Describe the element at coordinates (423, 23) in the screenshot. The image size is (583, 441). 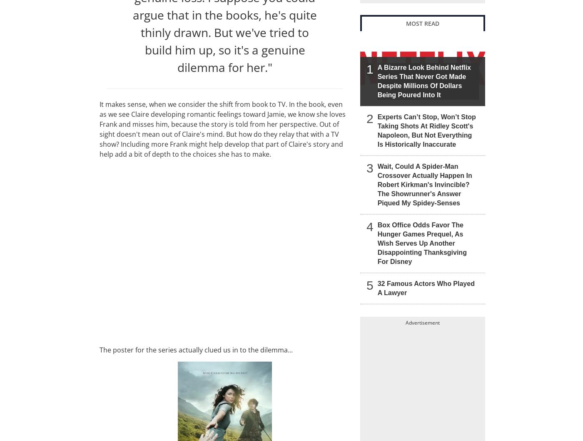
I see `'MOST READ'` at that location.